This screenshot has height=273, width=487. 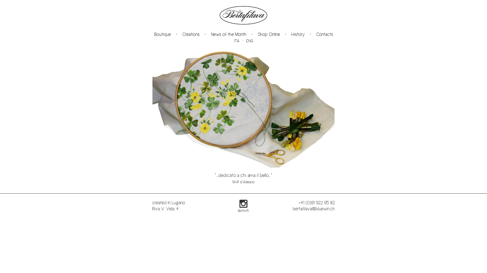 What do you see at coordinates (163, 34) in the screenshot?
I see `'Boutique'` at bounding box center [163, 34].